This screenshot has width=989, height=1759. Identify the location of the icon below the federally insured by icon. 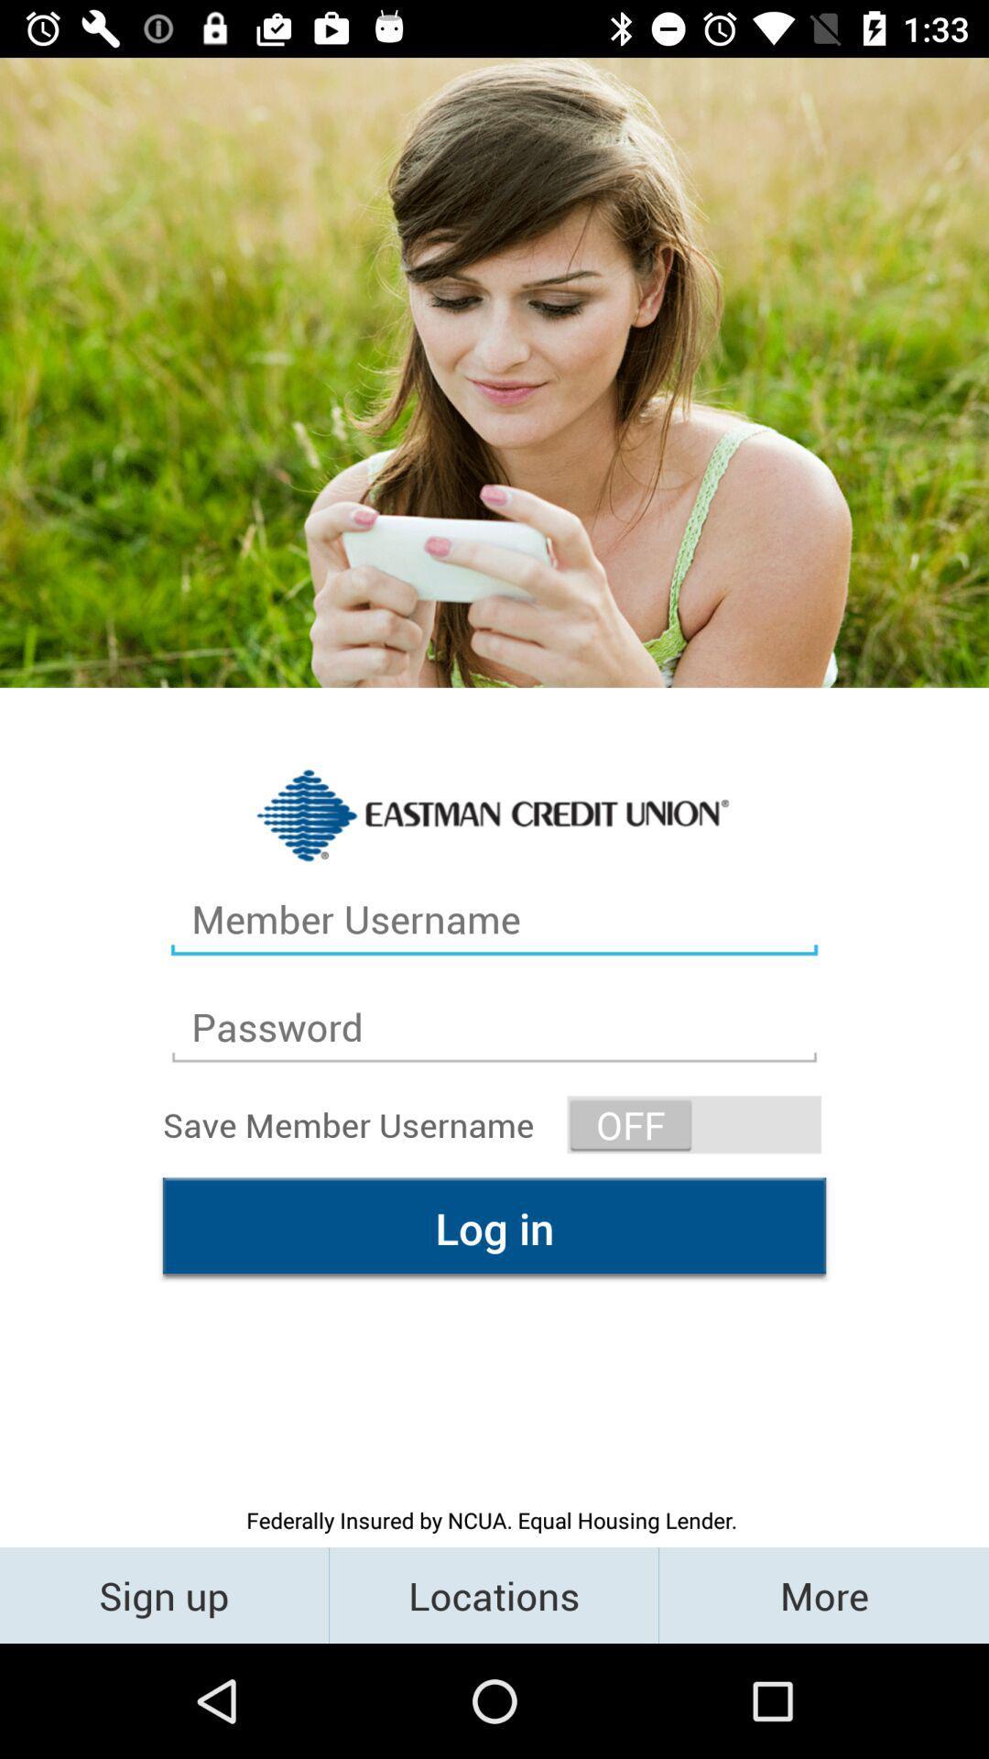
(493, 1594).